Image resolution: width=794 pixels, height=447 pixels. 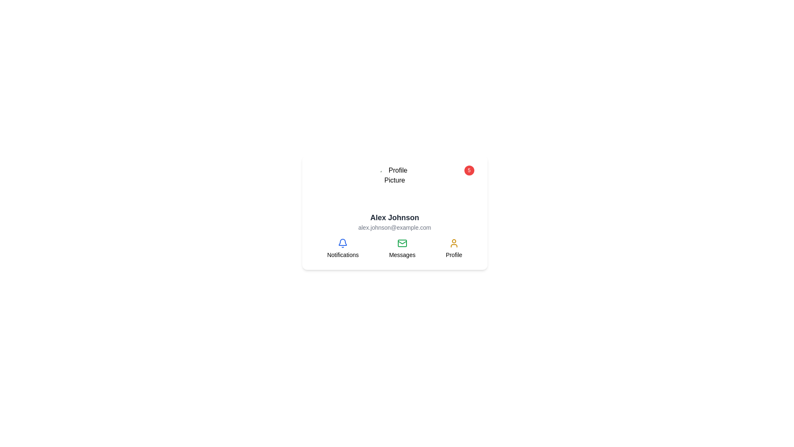 What do you see at coordinates (394, 228) in the screenshot?
I see `the Text label displaying the email address 'alex.johnson@example.com', which is centrally aligned below the name 'Alex Johnson'` at bounding box center [394, 228].